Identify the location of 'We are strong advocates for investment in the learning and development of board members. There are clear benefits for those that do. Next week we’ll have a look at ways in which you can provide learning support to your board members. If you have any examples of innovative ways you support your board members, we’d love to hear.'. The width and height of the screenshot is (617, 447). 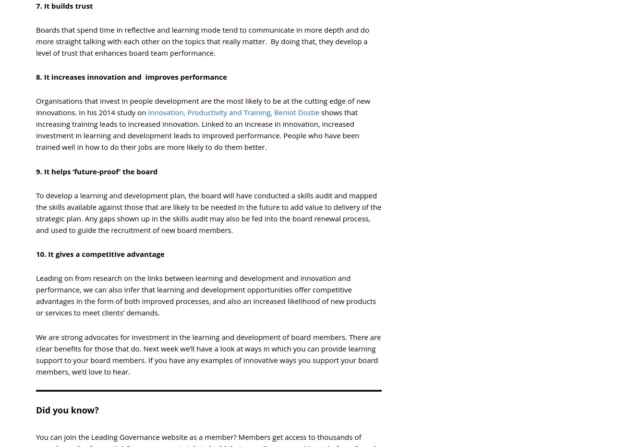
(208, 353).